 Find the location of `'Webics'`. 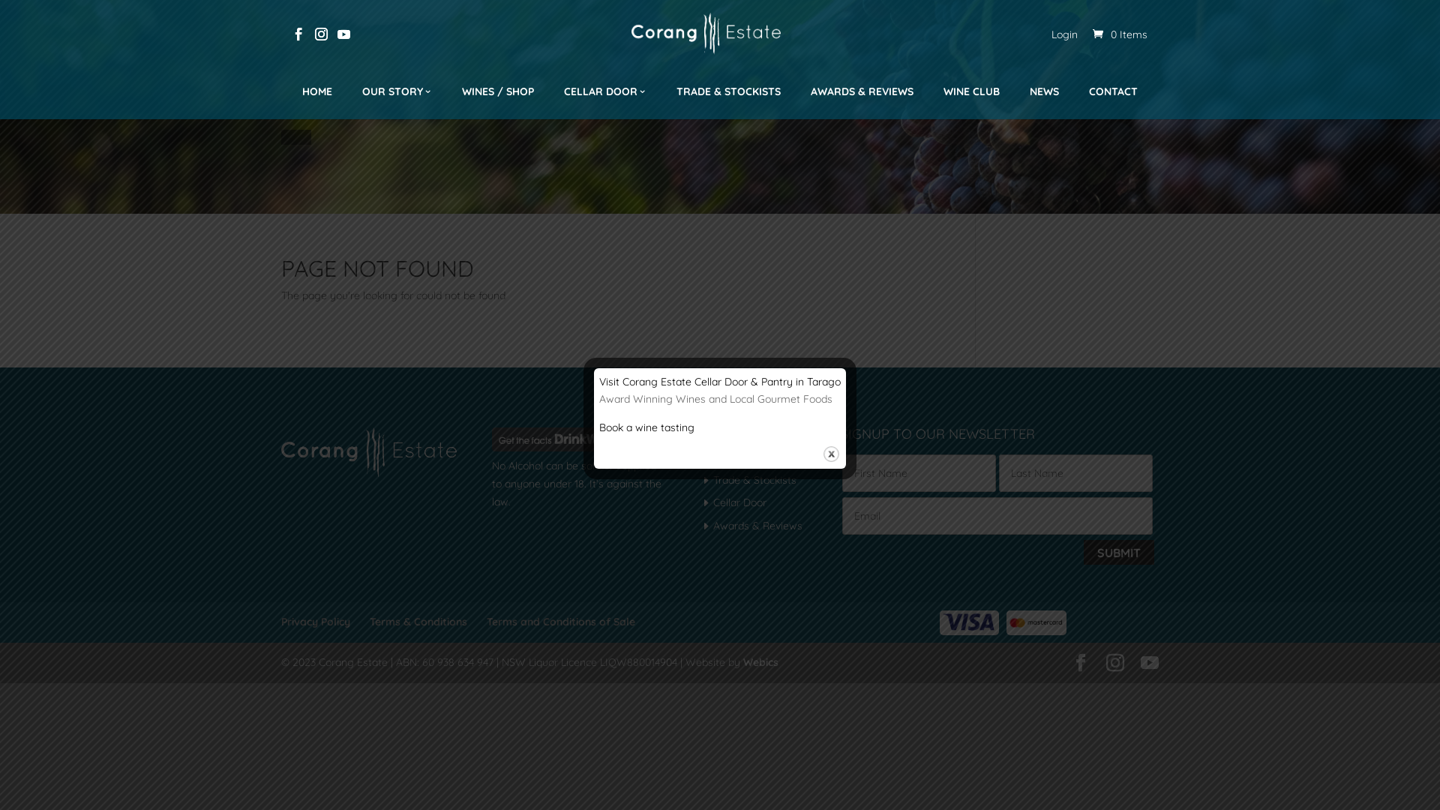

'Webics' is located at coordinates (760, 661).